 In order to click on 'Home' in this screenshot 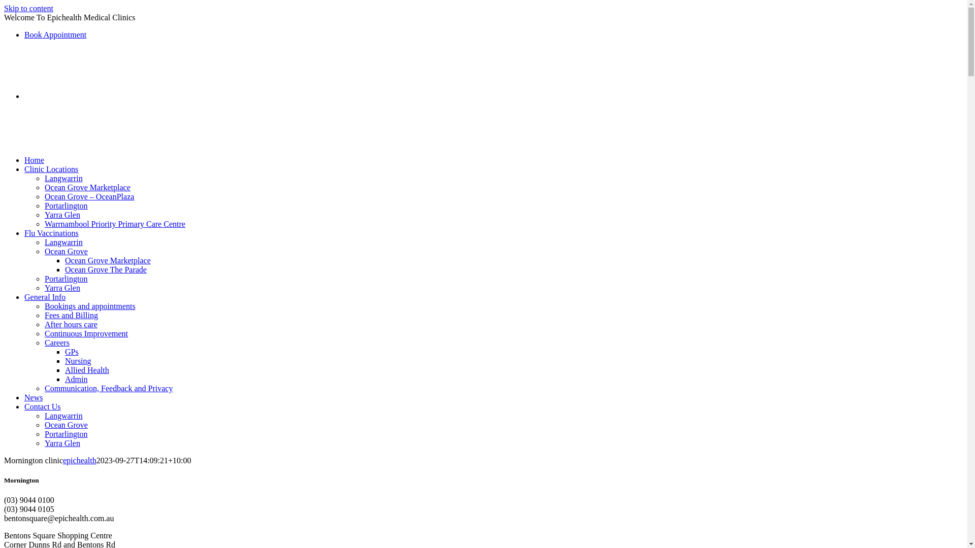, I will do `click(24, 160)`.